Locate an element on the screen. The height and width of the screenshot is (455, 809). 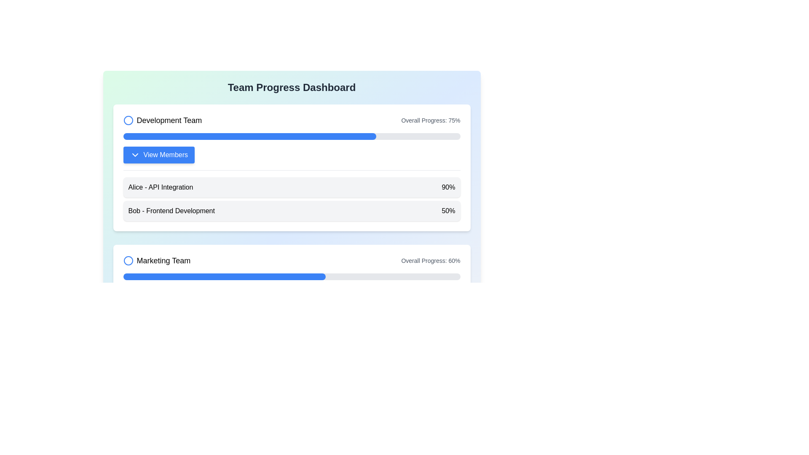
the blue 'View Members' button located under the 'Development Team' title and above the list items 'Alice - API Integration' and 'Bob - Frontend Development' is located at coordinates (159, 155).